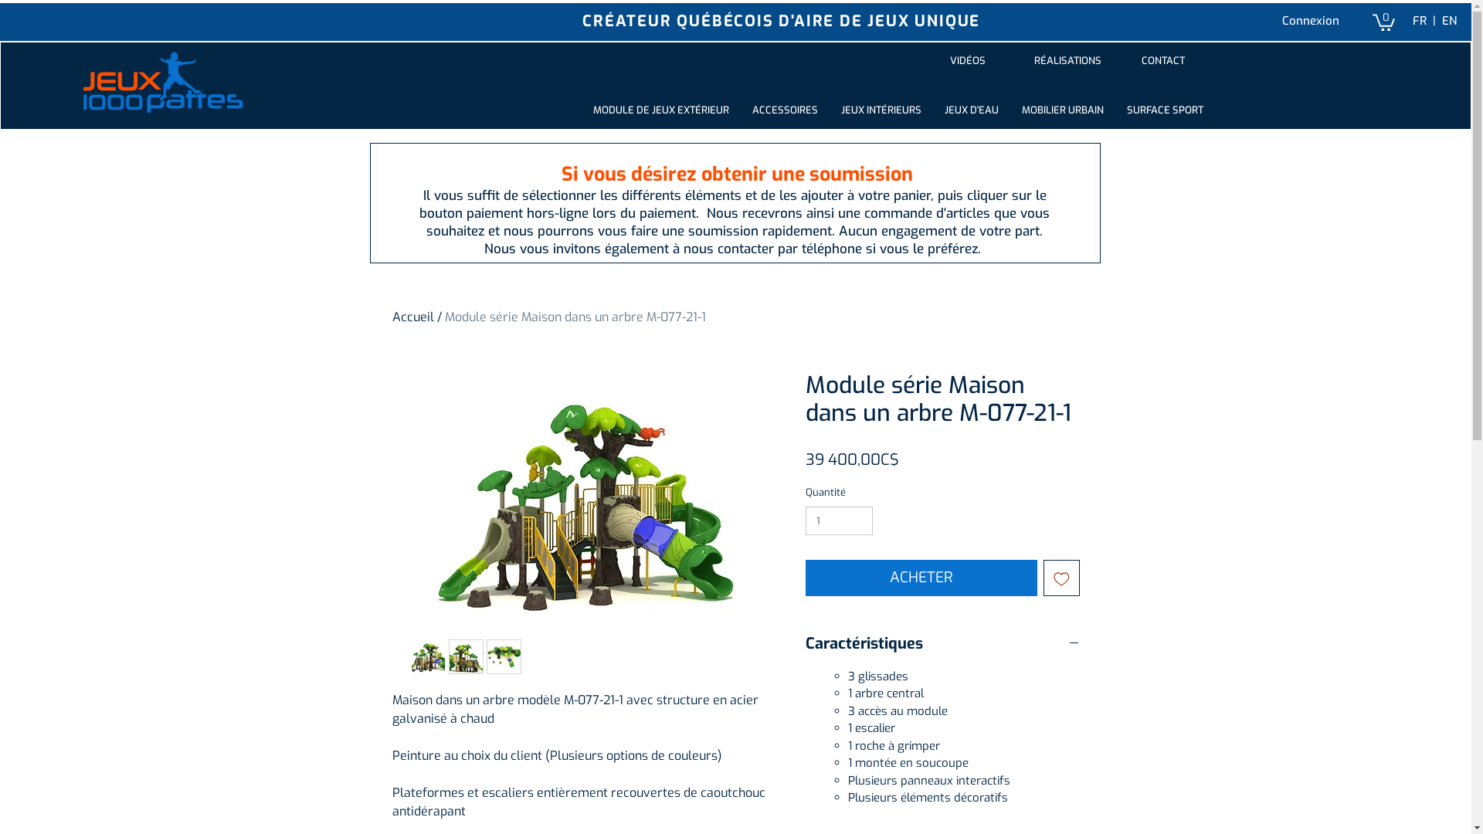 This screenshot has width=1483, height=834. What do you see at coordinates (1419, 21) in the screenshot?
I see `'FR'` at bounding box center [1419, 21].